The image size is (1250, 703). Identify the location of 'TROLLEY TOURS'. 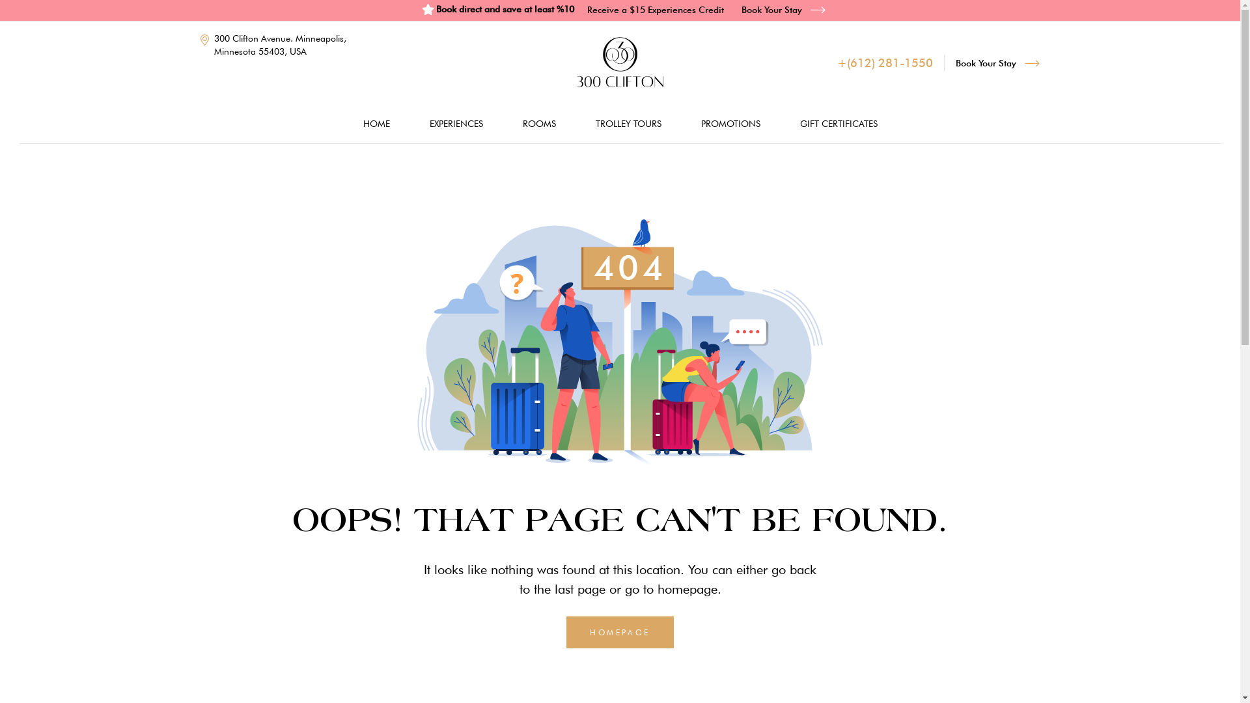
(628, 123).